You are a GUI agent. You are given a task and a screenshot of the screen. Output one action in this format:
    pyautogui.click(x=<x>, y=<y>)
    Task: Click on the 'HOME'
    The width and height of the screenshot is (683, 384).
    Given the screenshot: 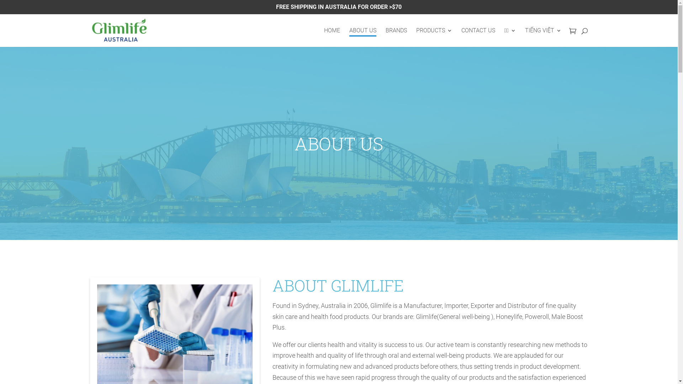 What is the action you would take?
    pyautogui.click(x=332, y=37)
    